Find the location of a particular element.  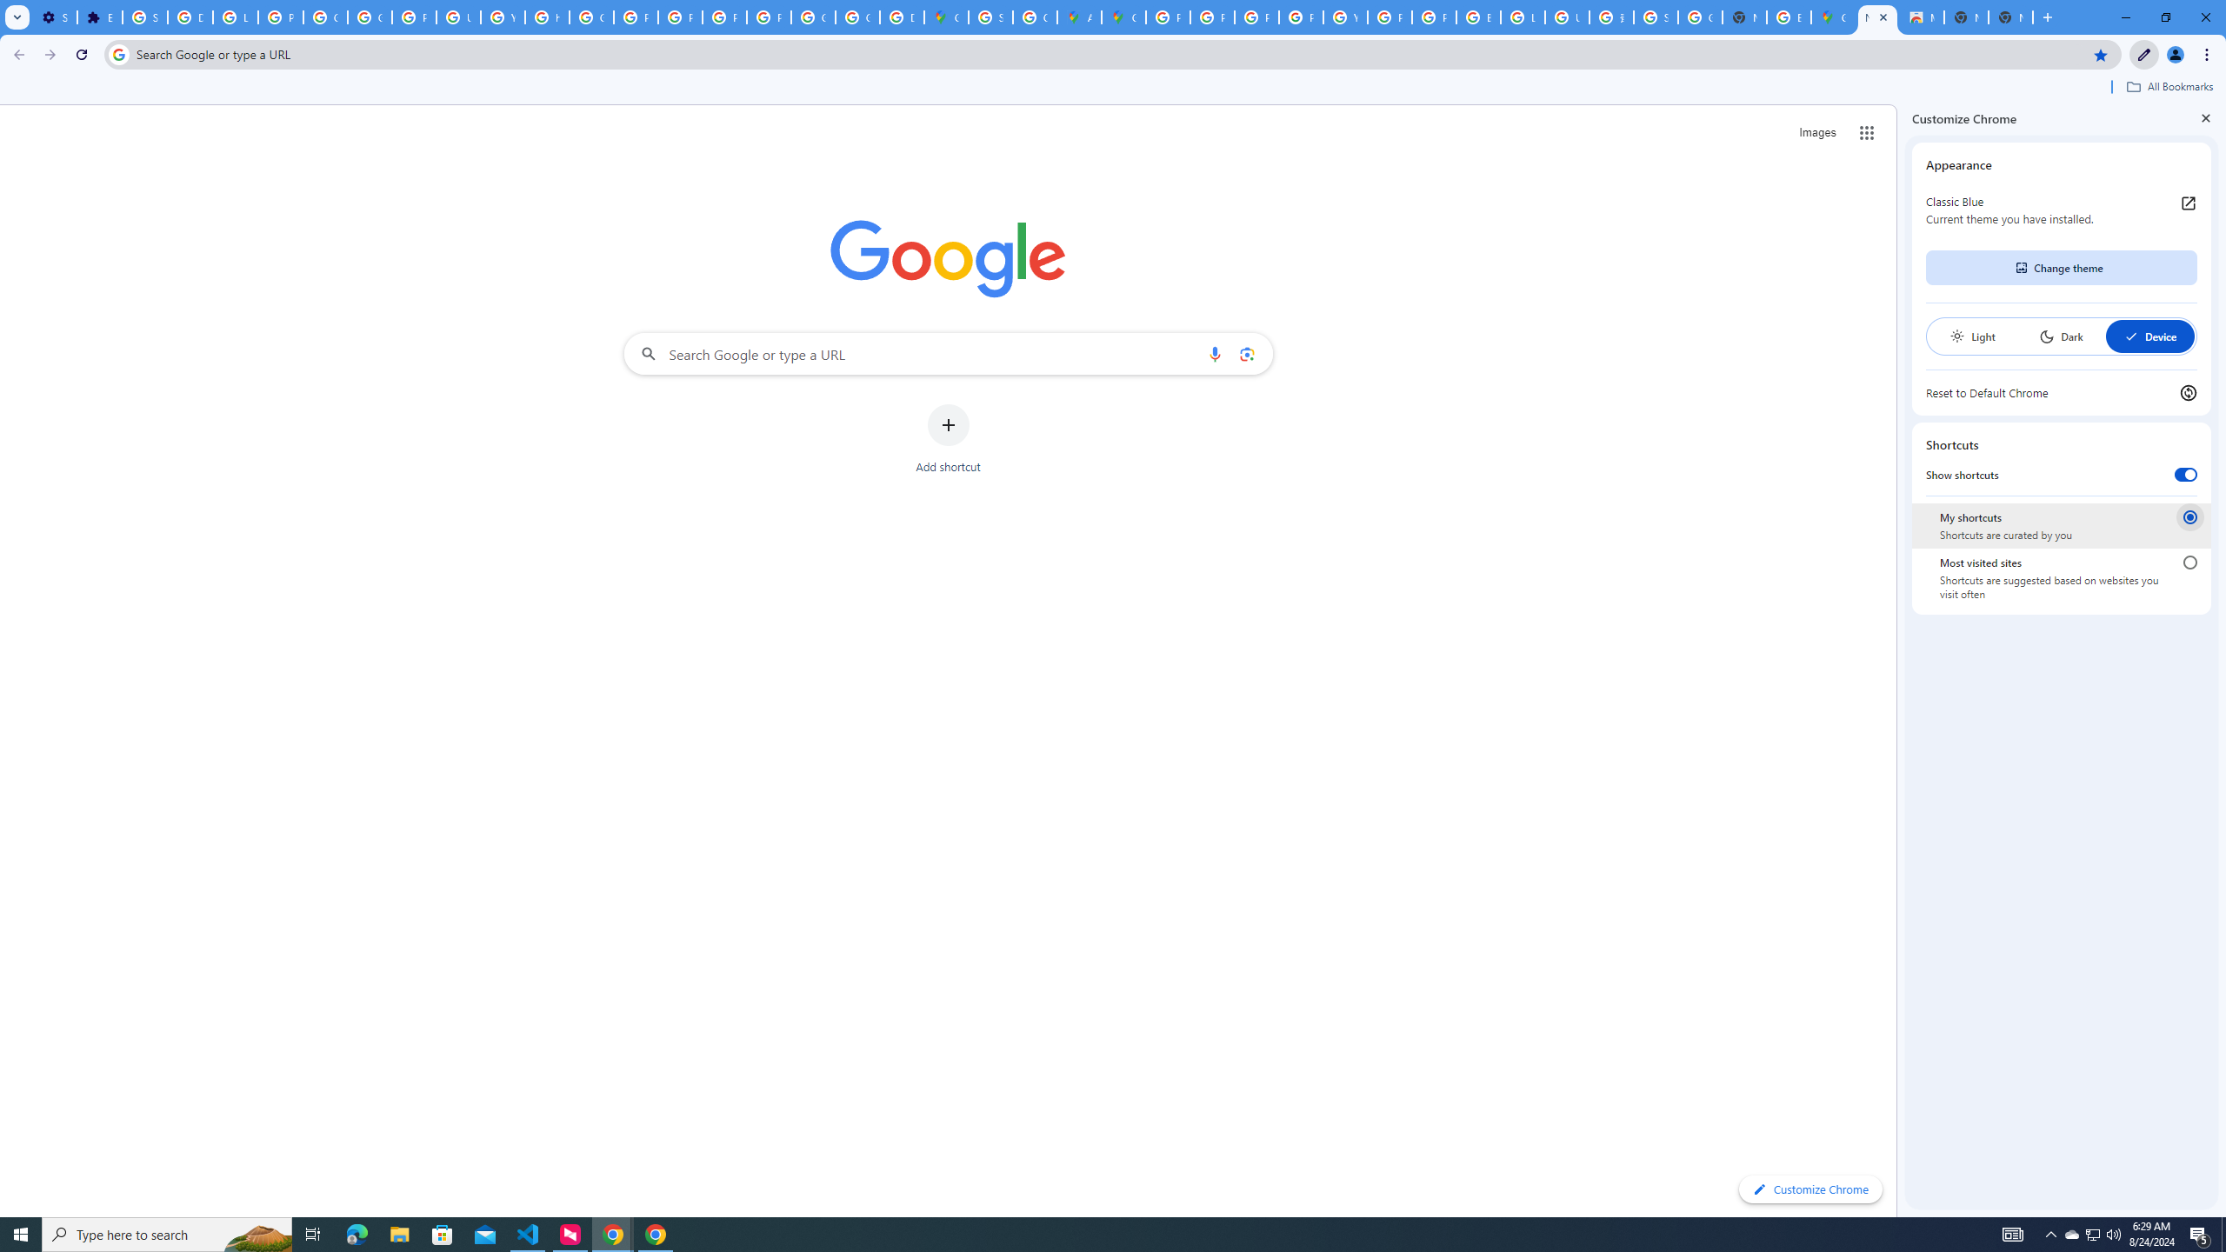

'Dark' is located at coordinates (2060, 336).